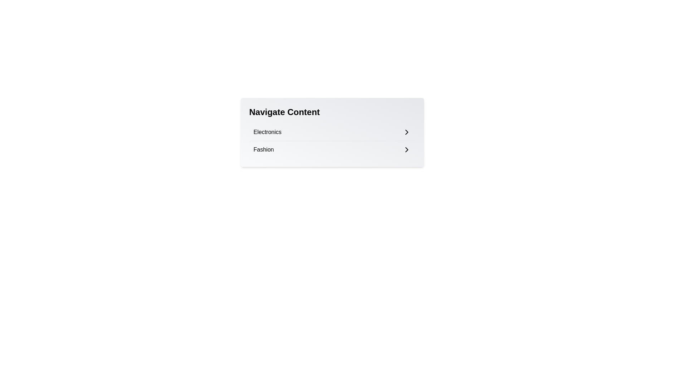 The width and height of the screenshot is (687, 386). Describe the element at coordinates (332, 141) in the screenshot. I see `the 'Fashion' item in the vertically arranged list of selectable items, which is part of the 'Navigate Content' card` at that location.